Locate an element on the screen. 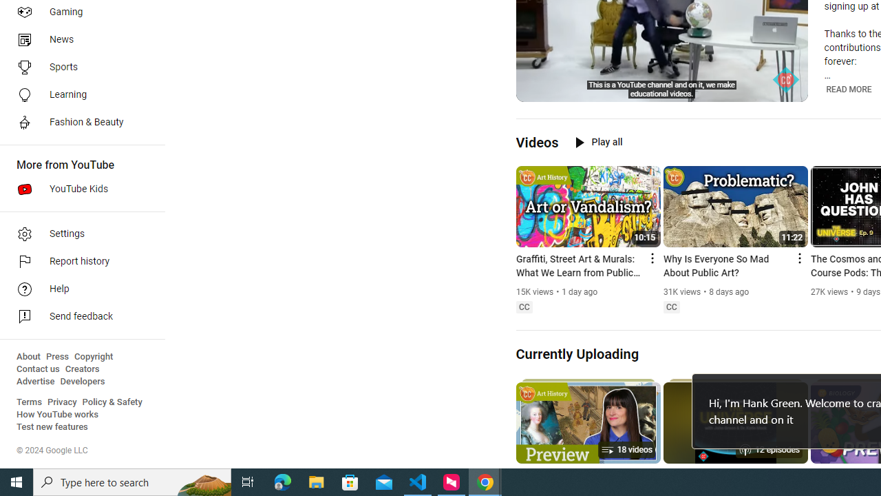 The width and height of the screenshot is (881, 496). 'YouTube Kids' is located at coordinates (77, 189).